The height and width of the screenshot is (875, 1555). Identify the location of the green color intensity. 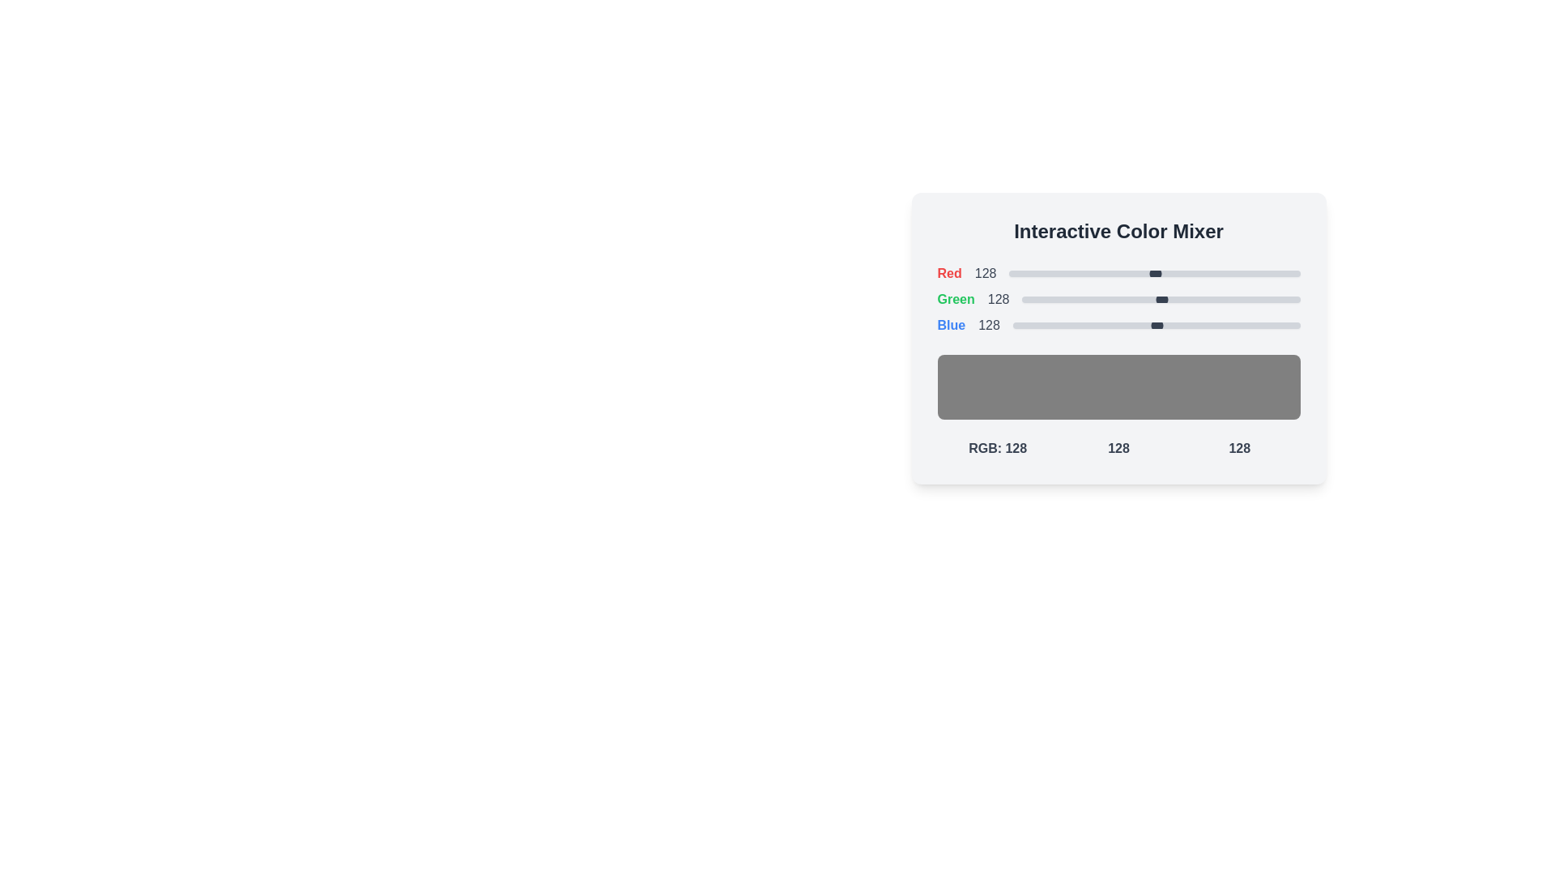
(1191, 300).